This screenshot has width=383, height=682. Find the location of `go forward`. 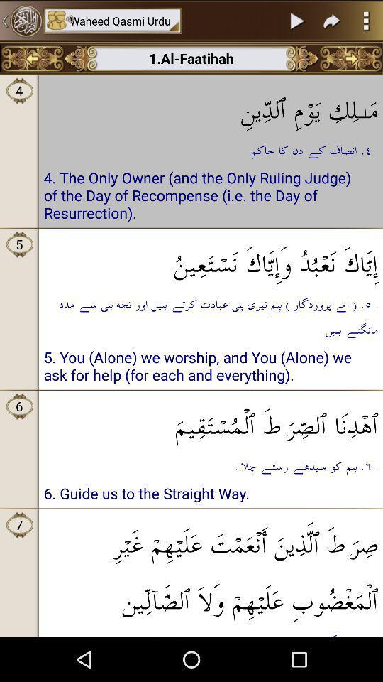

go forward is located at coordinates (350, 58).